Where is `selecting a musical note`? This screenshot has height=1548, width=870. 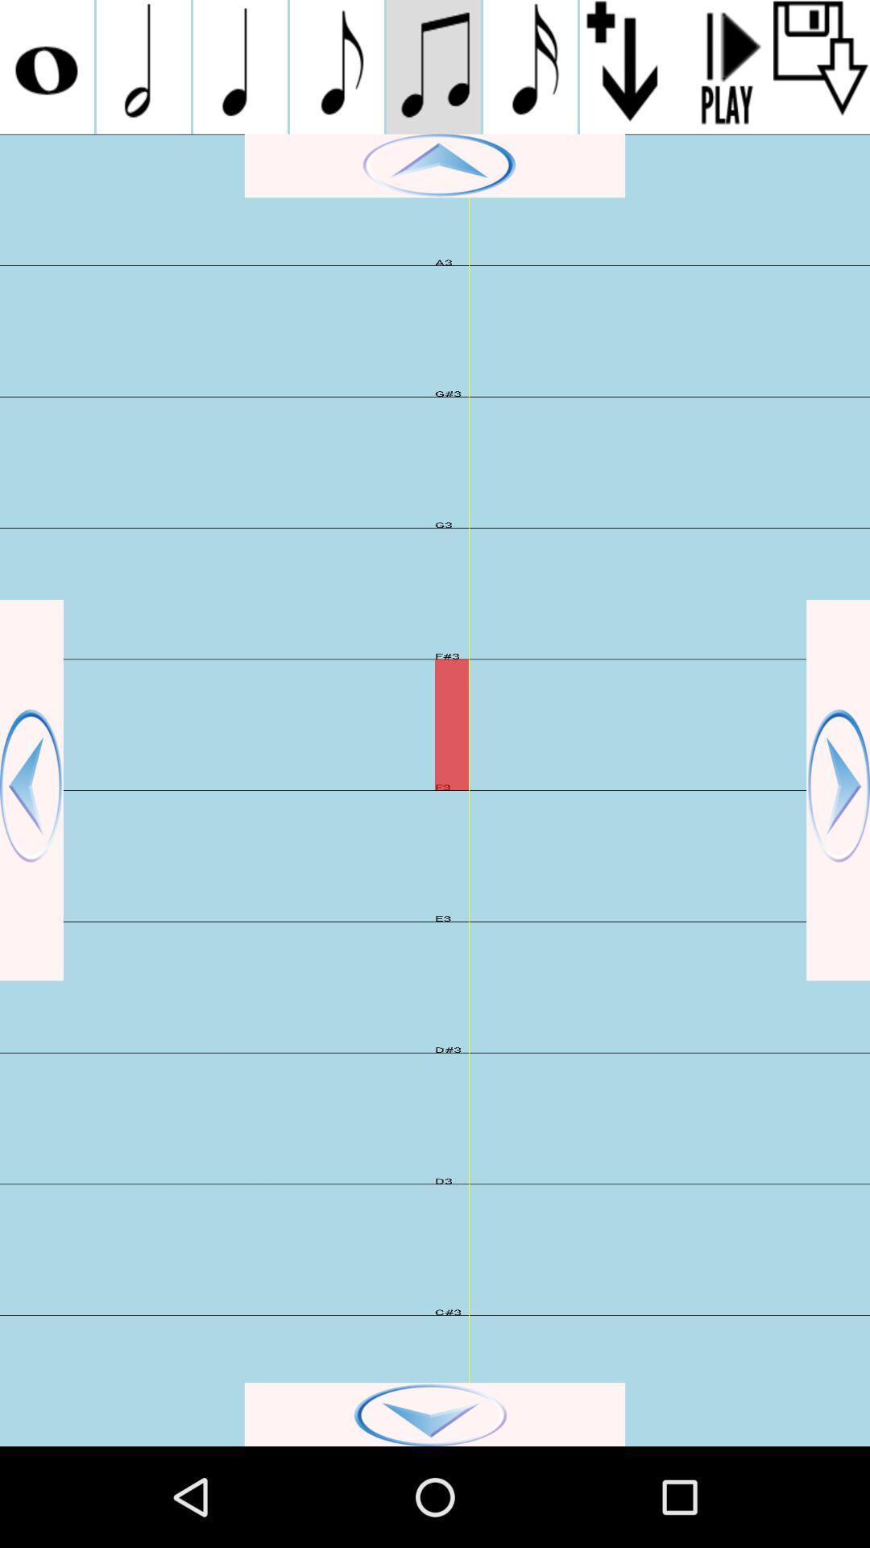
selecting a musical note is located at coordinates (336, 66).